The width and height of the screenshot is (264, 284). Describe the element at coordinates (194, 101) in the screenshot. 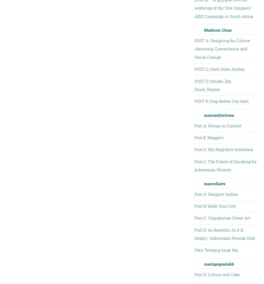

I see `'POST B: Stop Before You Start'` at that location.